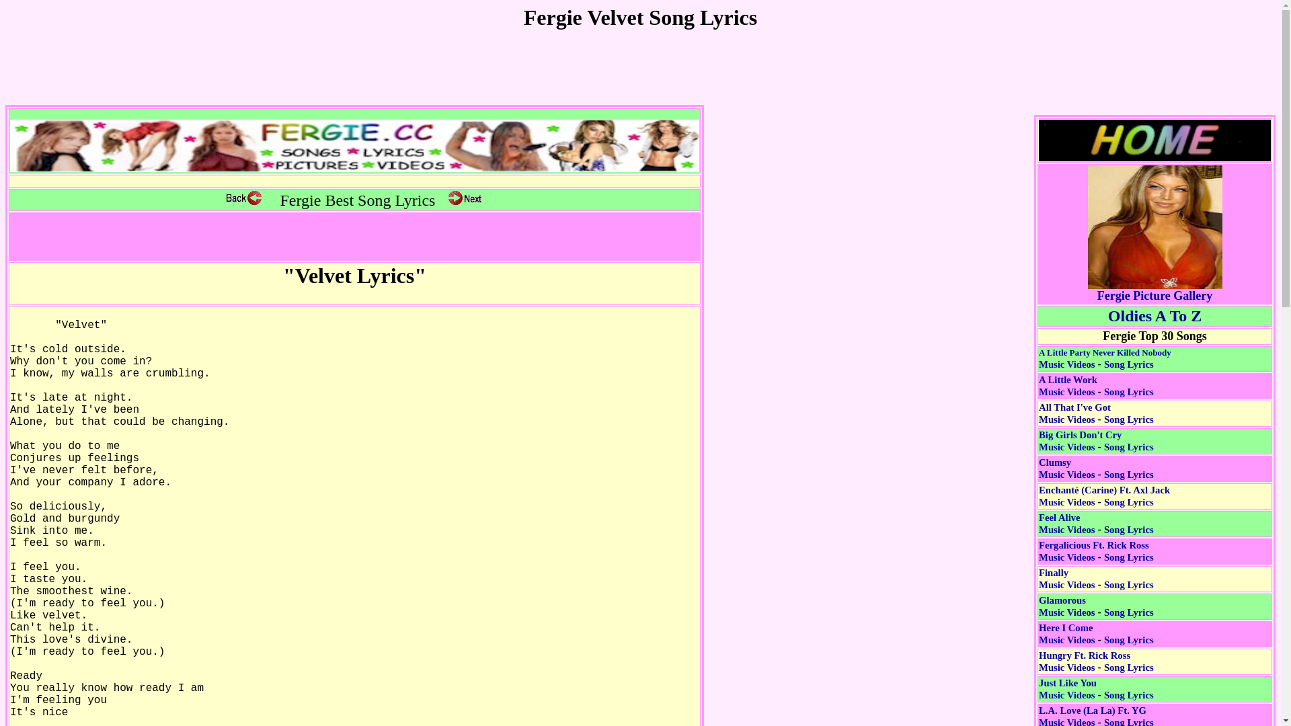 The width and height of the screenshot is (1291, 726). Describe the element at coordinates (1074, 412) in the screenshot. I see `'All That I've Got` at that location.